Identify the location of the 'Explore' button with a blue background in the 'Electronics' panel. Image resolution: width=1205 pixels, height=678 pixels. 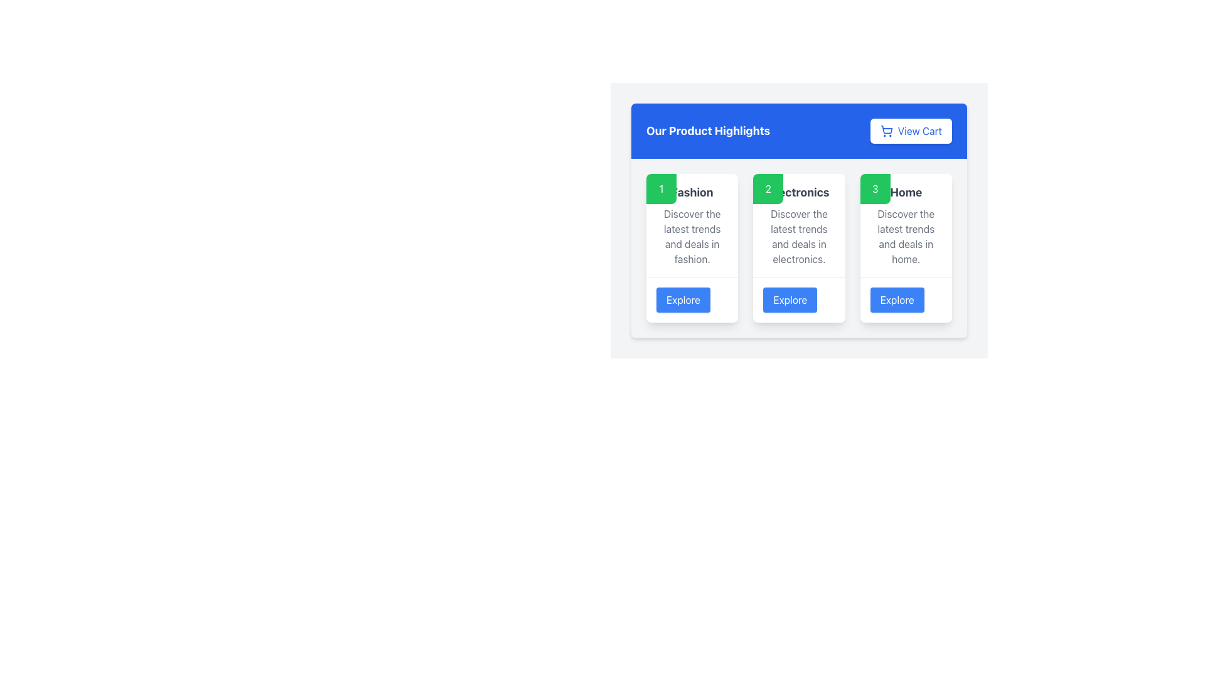
(790, 300).